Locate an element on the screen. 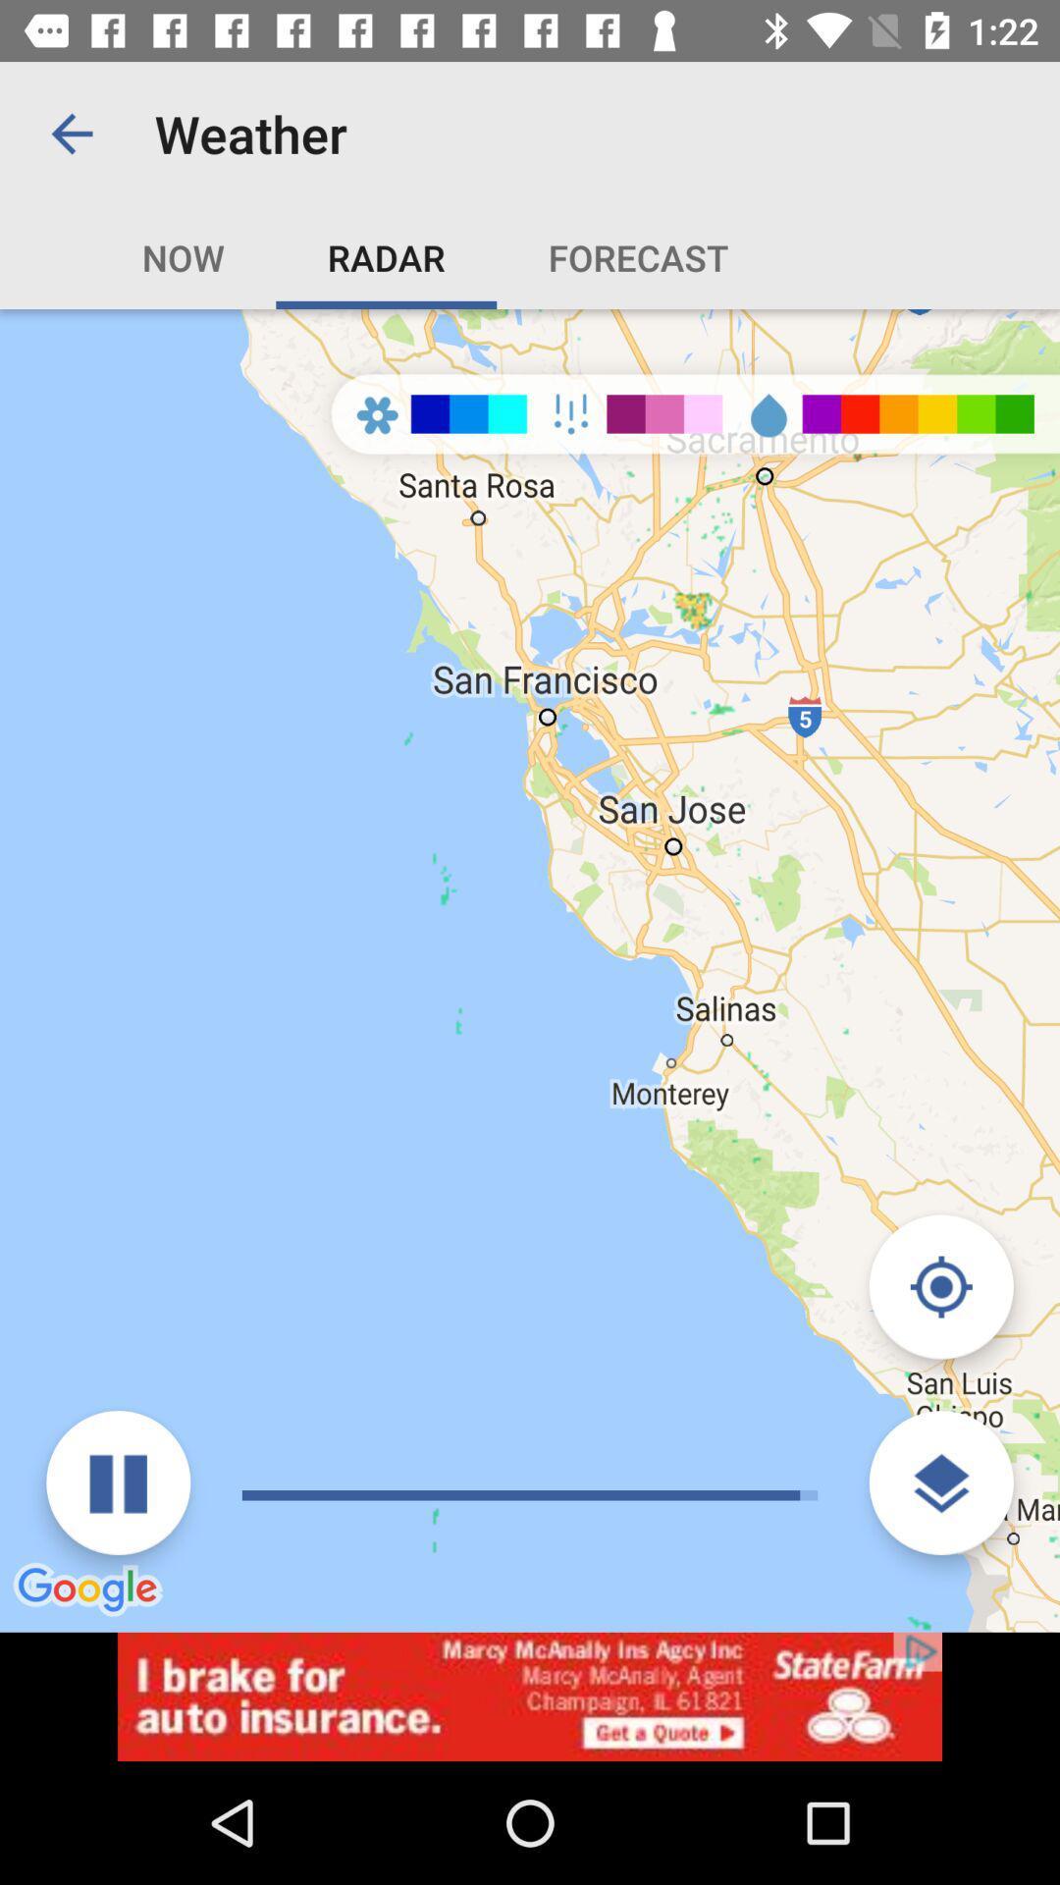  the pause icon is located at coordinates (118, 1482).